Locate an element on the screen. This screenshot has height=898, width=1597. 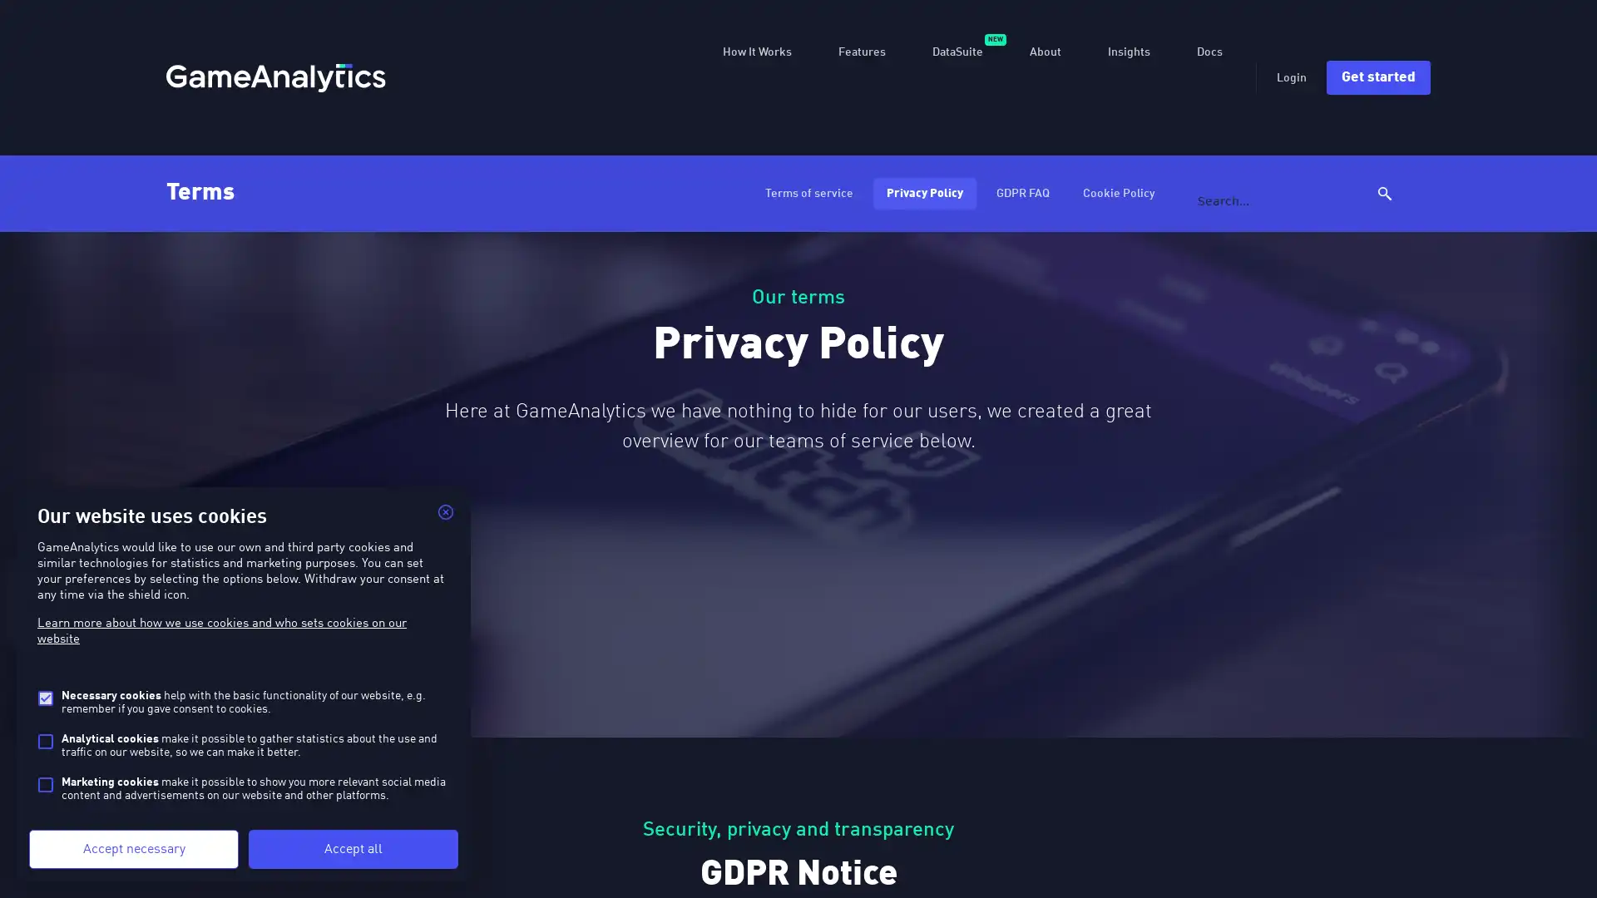
Accept all is located at coordinates (353, 849).